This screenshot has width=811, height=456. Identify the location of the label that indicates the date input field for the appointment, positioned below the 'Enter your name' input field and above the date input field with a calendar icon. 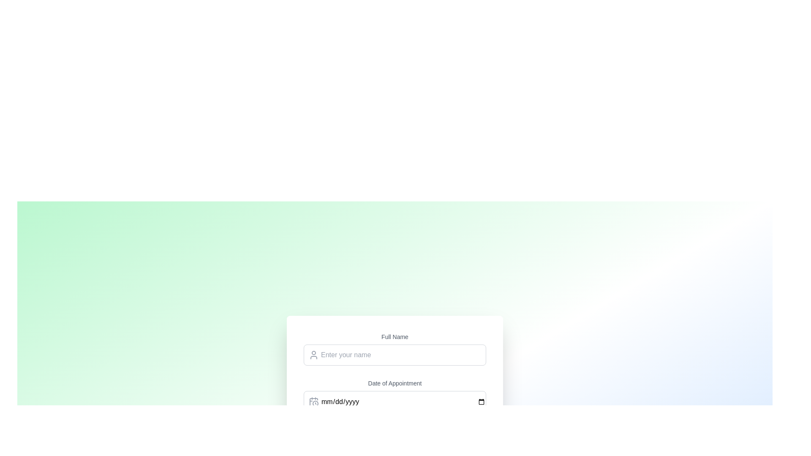
(395, 383).